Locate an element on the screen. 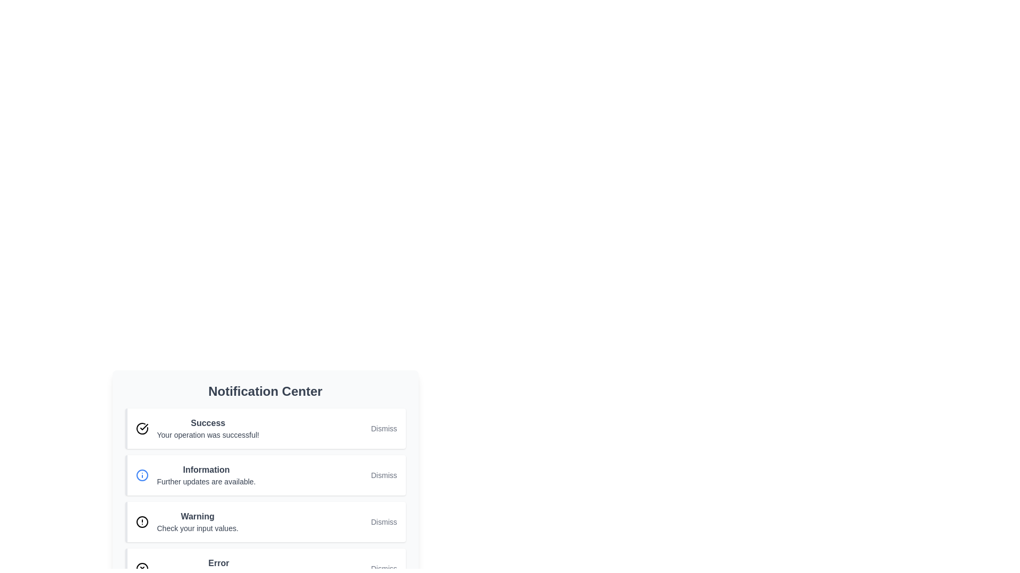 This screenshot has height=573, width=1020. warning text in the notification card located in the Notification Center, specifically the third item that indicates input values need verification is located at coordinates (198, 521).